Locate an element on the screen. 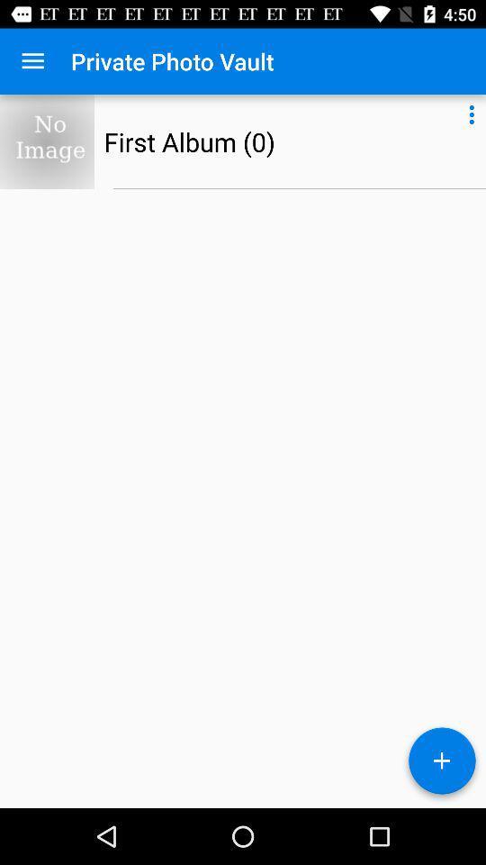 The height and width of the screenshot is (865, 486). a new photo album is located at coordinates (441, 763).